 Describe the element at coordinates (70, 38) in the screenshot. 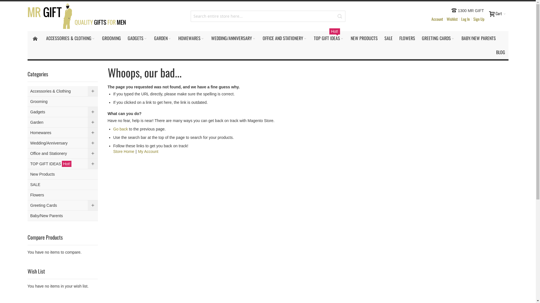

I see `'ACCESSORIES & CLOTHING'` at that location.